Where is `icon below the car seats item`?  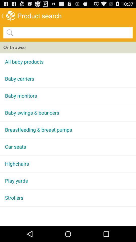
icon below the car seats item is located at coordinates (68, 163).